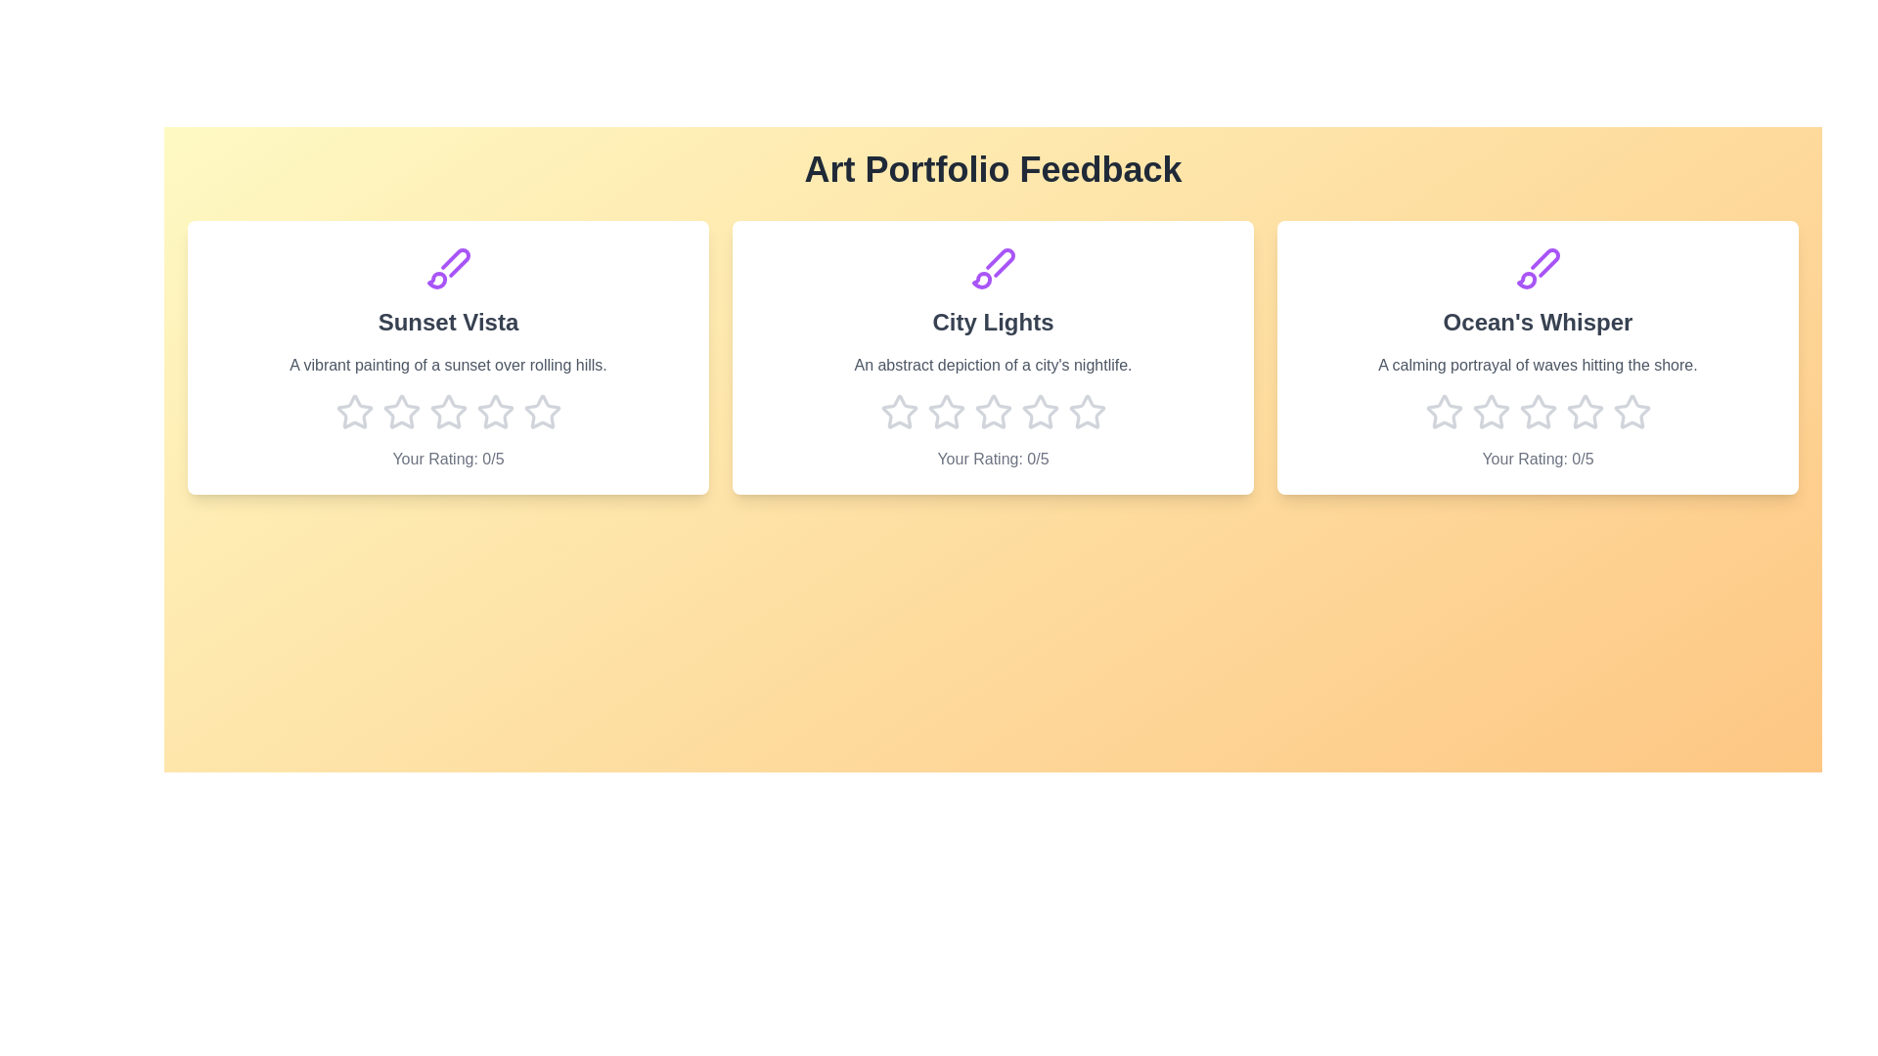 This screenshot has width=1878, height=1056. What do you see at coordinates (946, 411) in the screenshot?
I see `the star corresponding to 2 stars for the artwork titled 'City Lights'` at bounding box center [946, 411].